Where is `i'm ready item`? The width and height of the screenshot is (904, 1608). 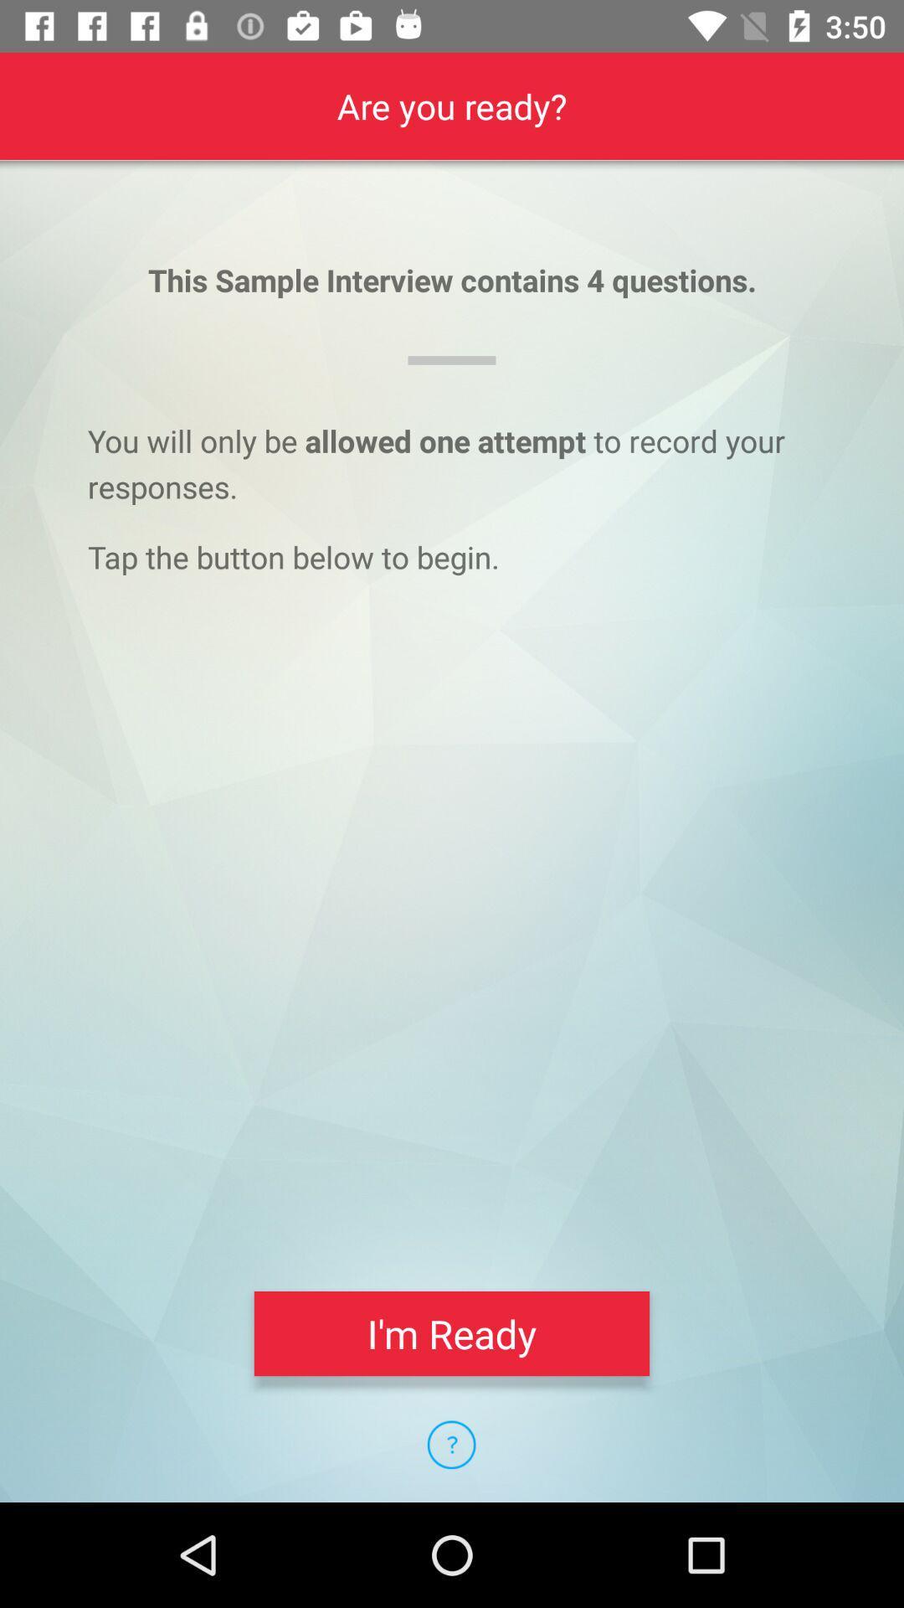 i'm ready item is located at coordinates (452, 1332).